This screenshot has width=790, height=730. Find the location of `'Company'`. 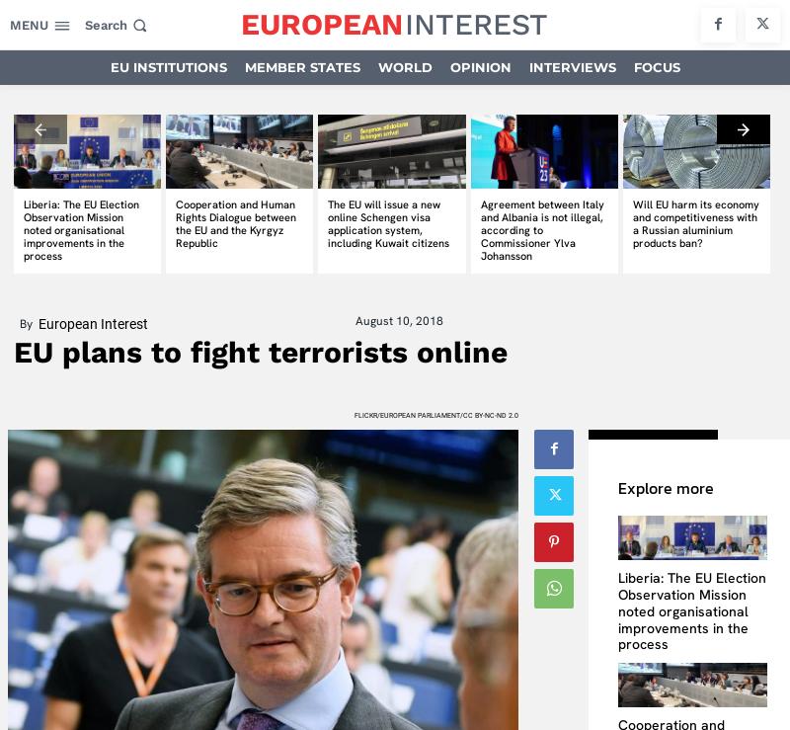

'Company' is located at coordinates (407, 417).